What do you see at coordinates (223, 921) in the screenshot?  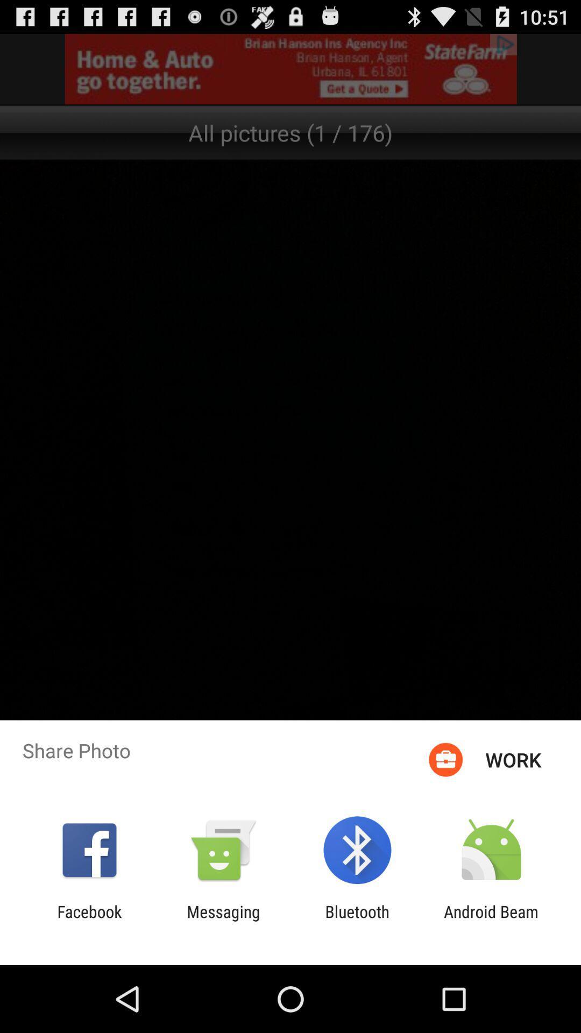 I see `the messaging app` at bounding box center [223, 921].